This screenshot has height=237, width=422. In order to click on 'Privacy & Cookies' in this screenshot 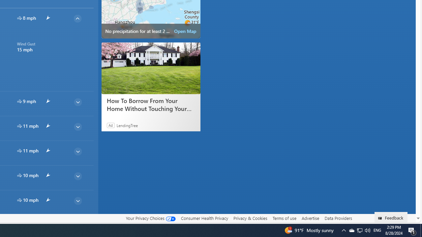, I will do `click(250, 218)`.